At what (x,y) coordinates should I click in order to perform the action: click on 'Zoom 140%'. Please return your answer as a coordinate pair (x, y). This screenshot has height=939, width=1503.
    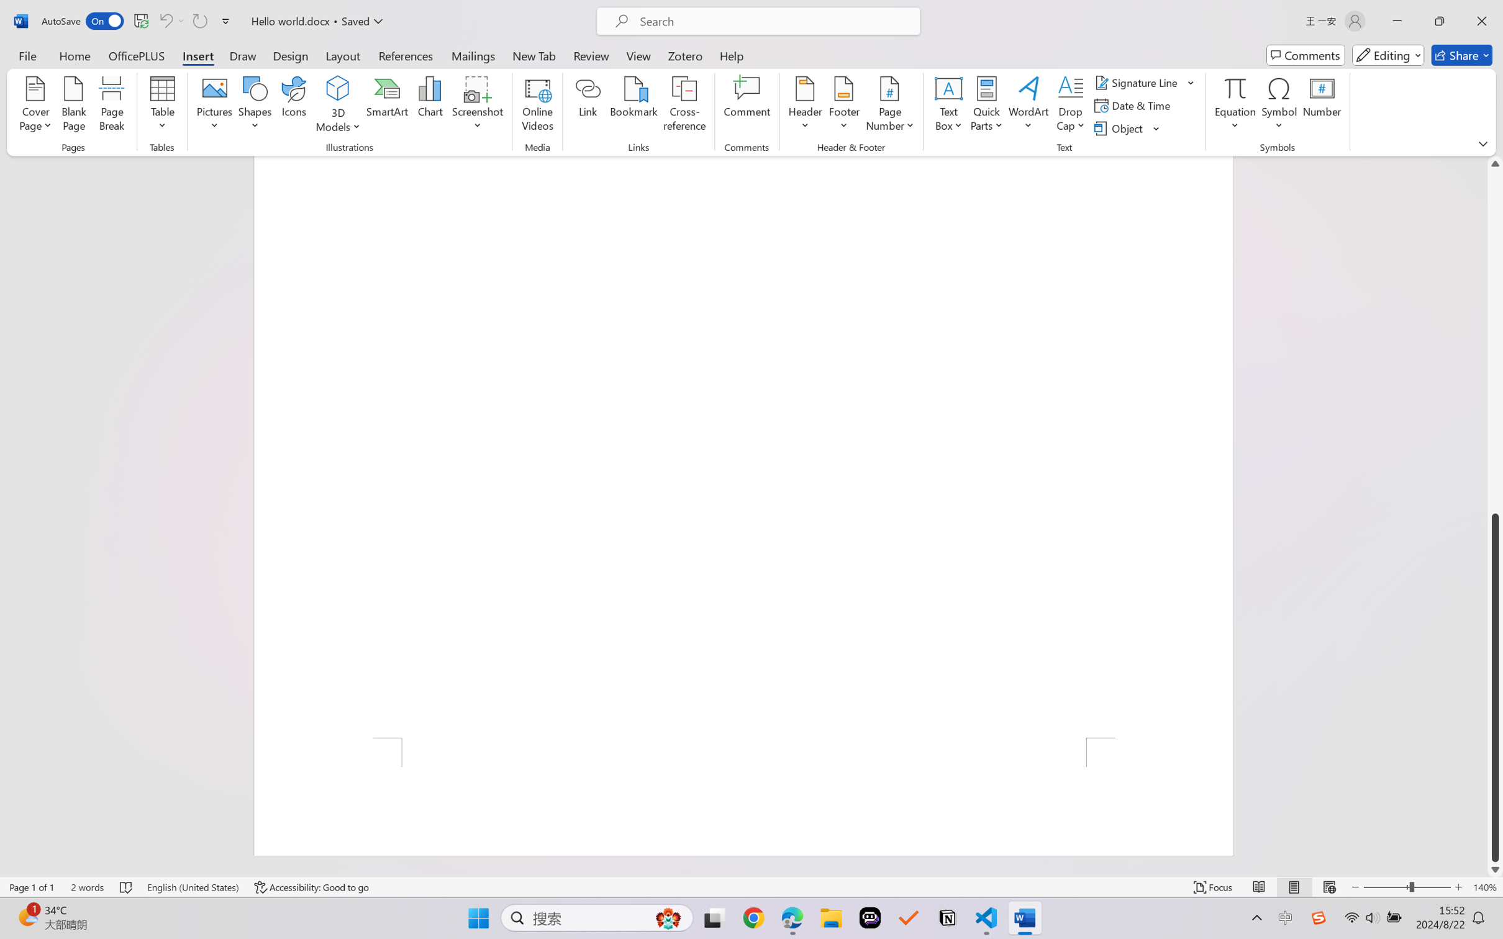
    Looking at the image, I should click on (1484, 887).